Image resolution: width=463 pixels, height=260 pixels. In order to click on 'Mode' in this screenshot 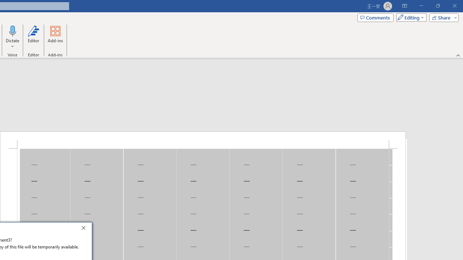, I will do `click(410, 17)`.